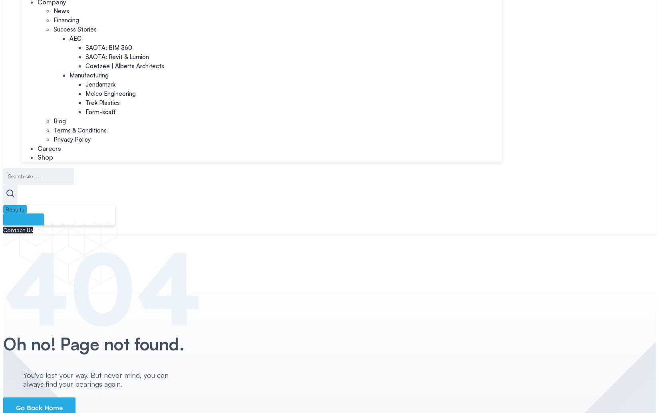  What do you see at coordinates (75, 38) in the screenshot?
I see `'AEC'` at bounding box center [75, 38].